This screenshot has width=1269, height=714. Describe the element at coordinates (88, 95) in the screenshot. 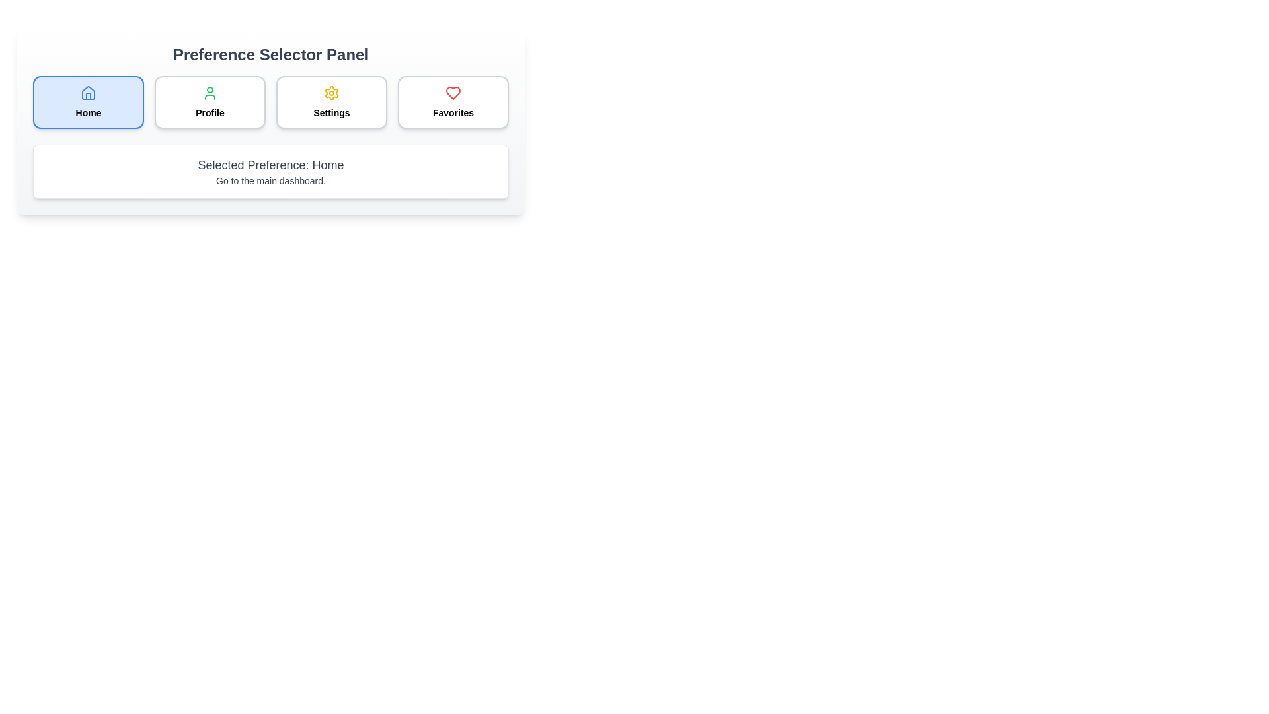

I see `the detailed structure of the house icon, which represents the 'Home' option in the panel, located in the lower middle part of the house's structure` at that location.